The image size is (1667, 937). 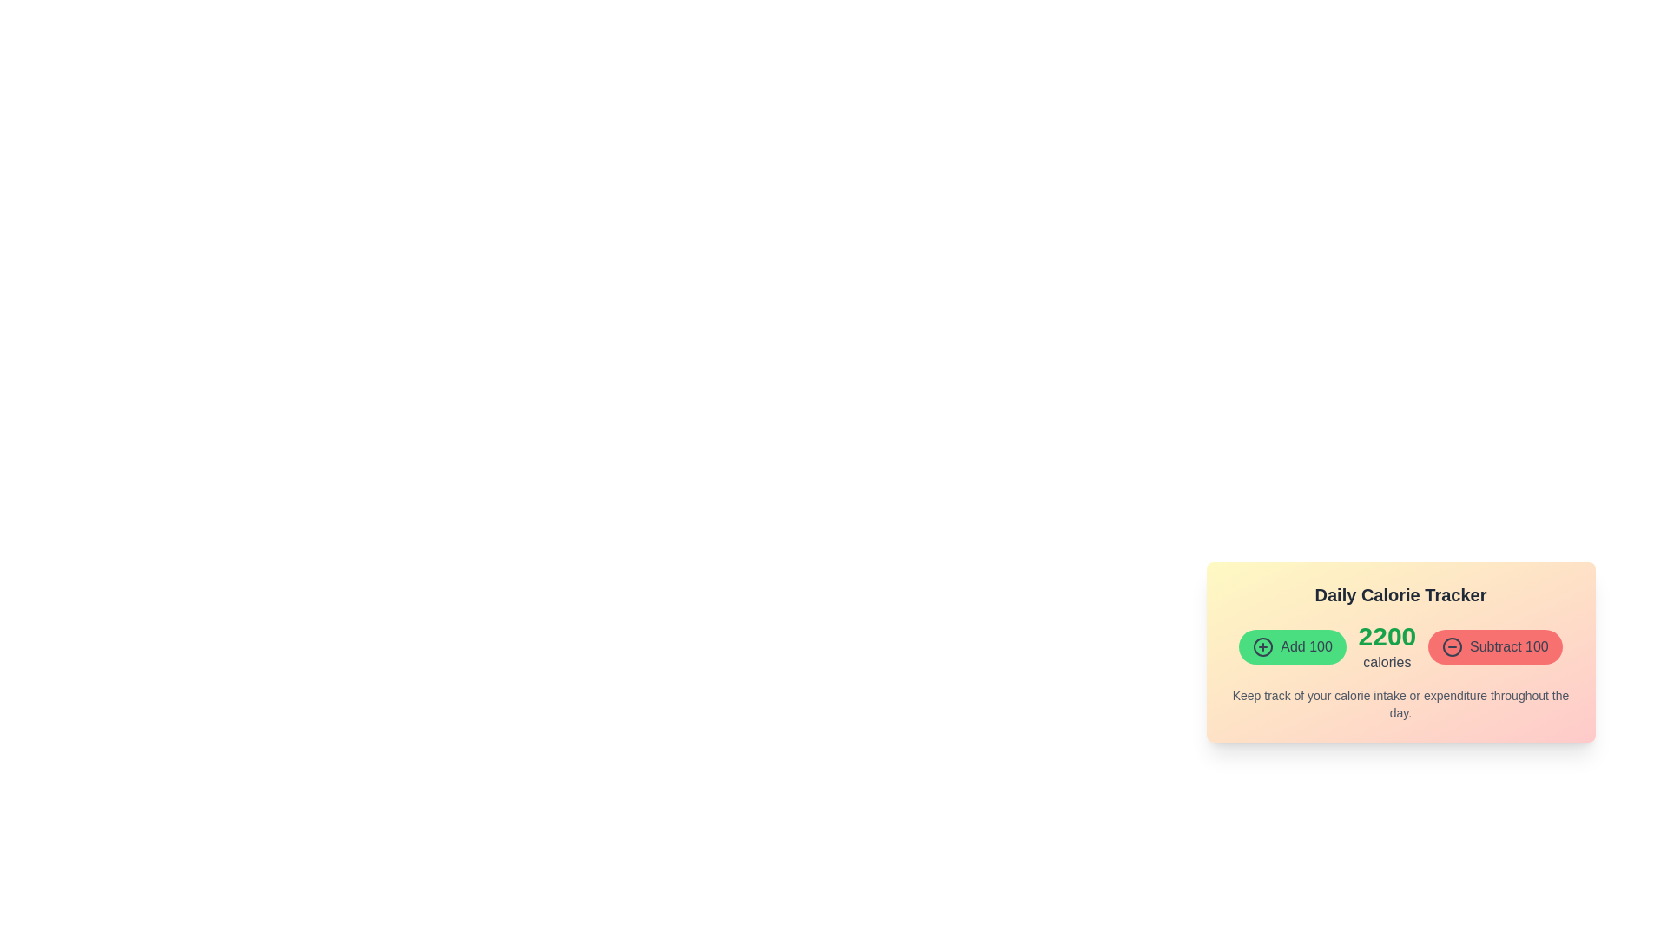 I want to click on the text content that reads 'Keep track of your calorie intake or expenditure throughout the day.' located in the bottom segment of the 'Daily Calorie Tracker' card, so click(x=1400, y=704).